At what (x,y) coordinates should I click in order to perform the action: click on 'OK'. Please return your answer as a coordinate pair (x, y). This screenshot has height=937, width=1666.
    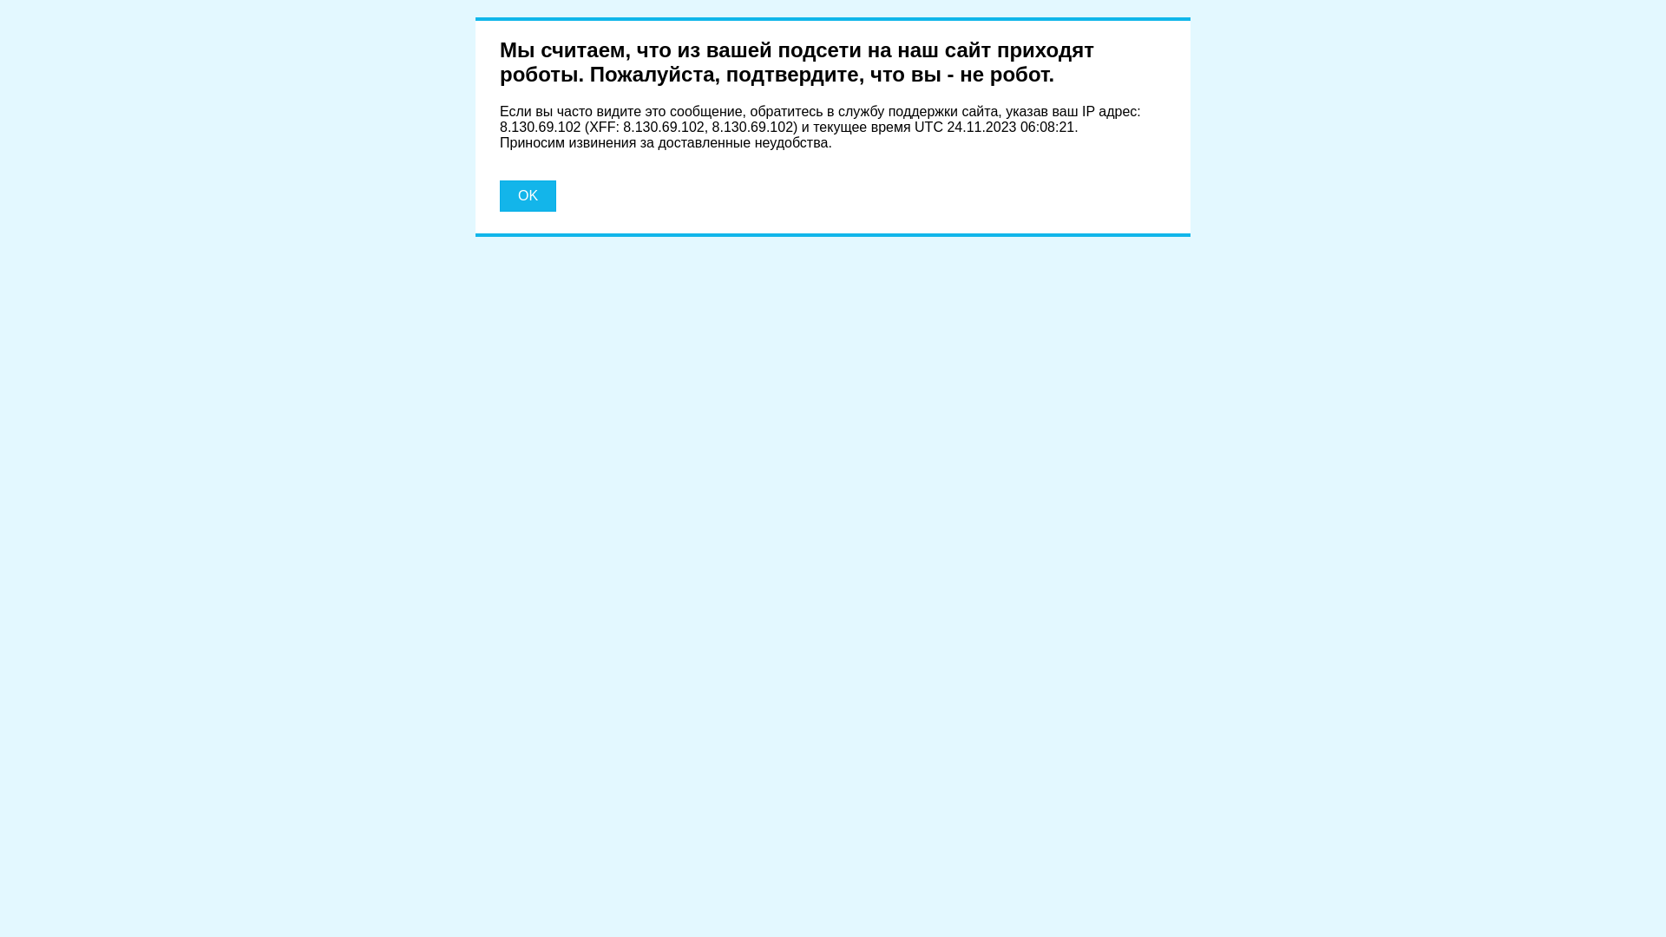
    Looking at the image, I should click on (527, 195).